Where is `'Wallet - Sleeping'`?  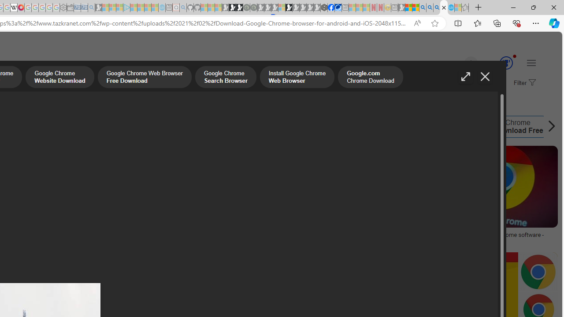 'Wallet - Sleeping' is located at coordinates (70, 7).